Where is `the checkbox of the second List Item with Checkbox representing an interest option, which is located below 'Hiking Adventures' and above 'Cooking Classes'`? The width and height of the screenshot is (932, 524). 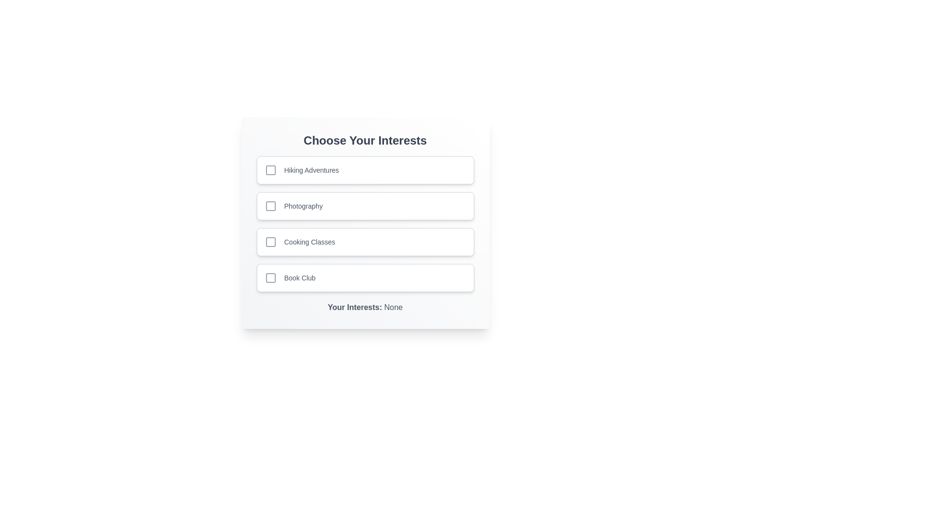 the checkbox of the second List Item with Checkbox representing an interest option, which is located below 'Hiking Adventures' and above 'Cooking Classes' is located at coordinates (365, 205).